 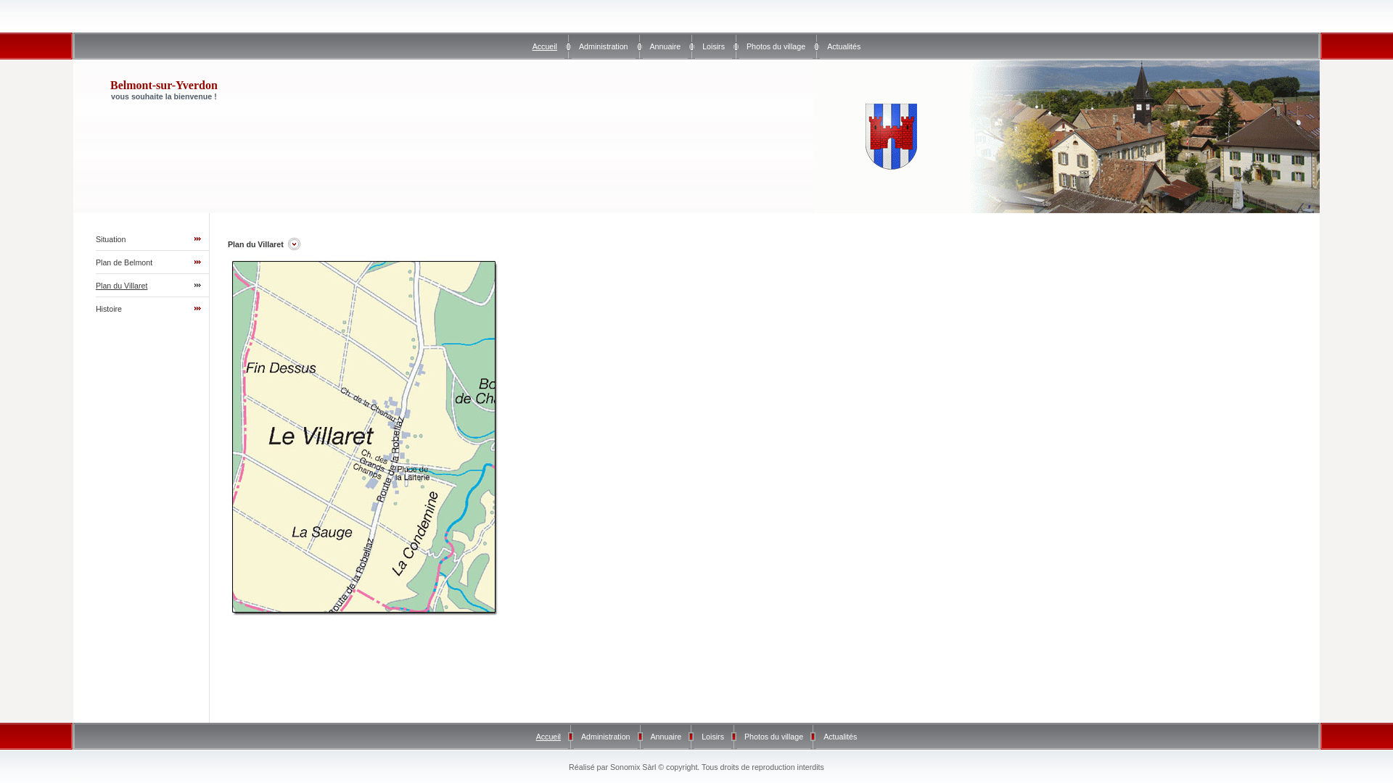 What do you see at coordinates (650, 736) in the screenshot?
I see `'Annuaire'` at bounding box center [650, 736].